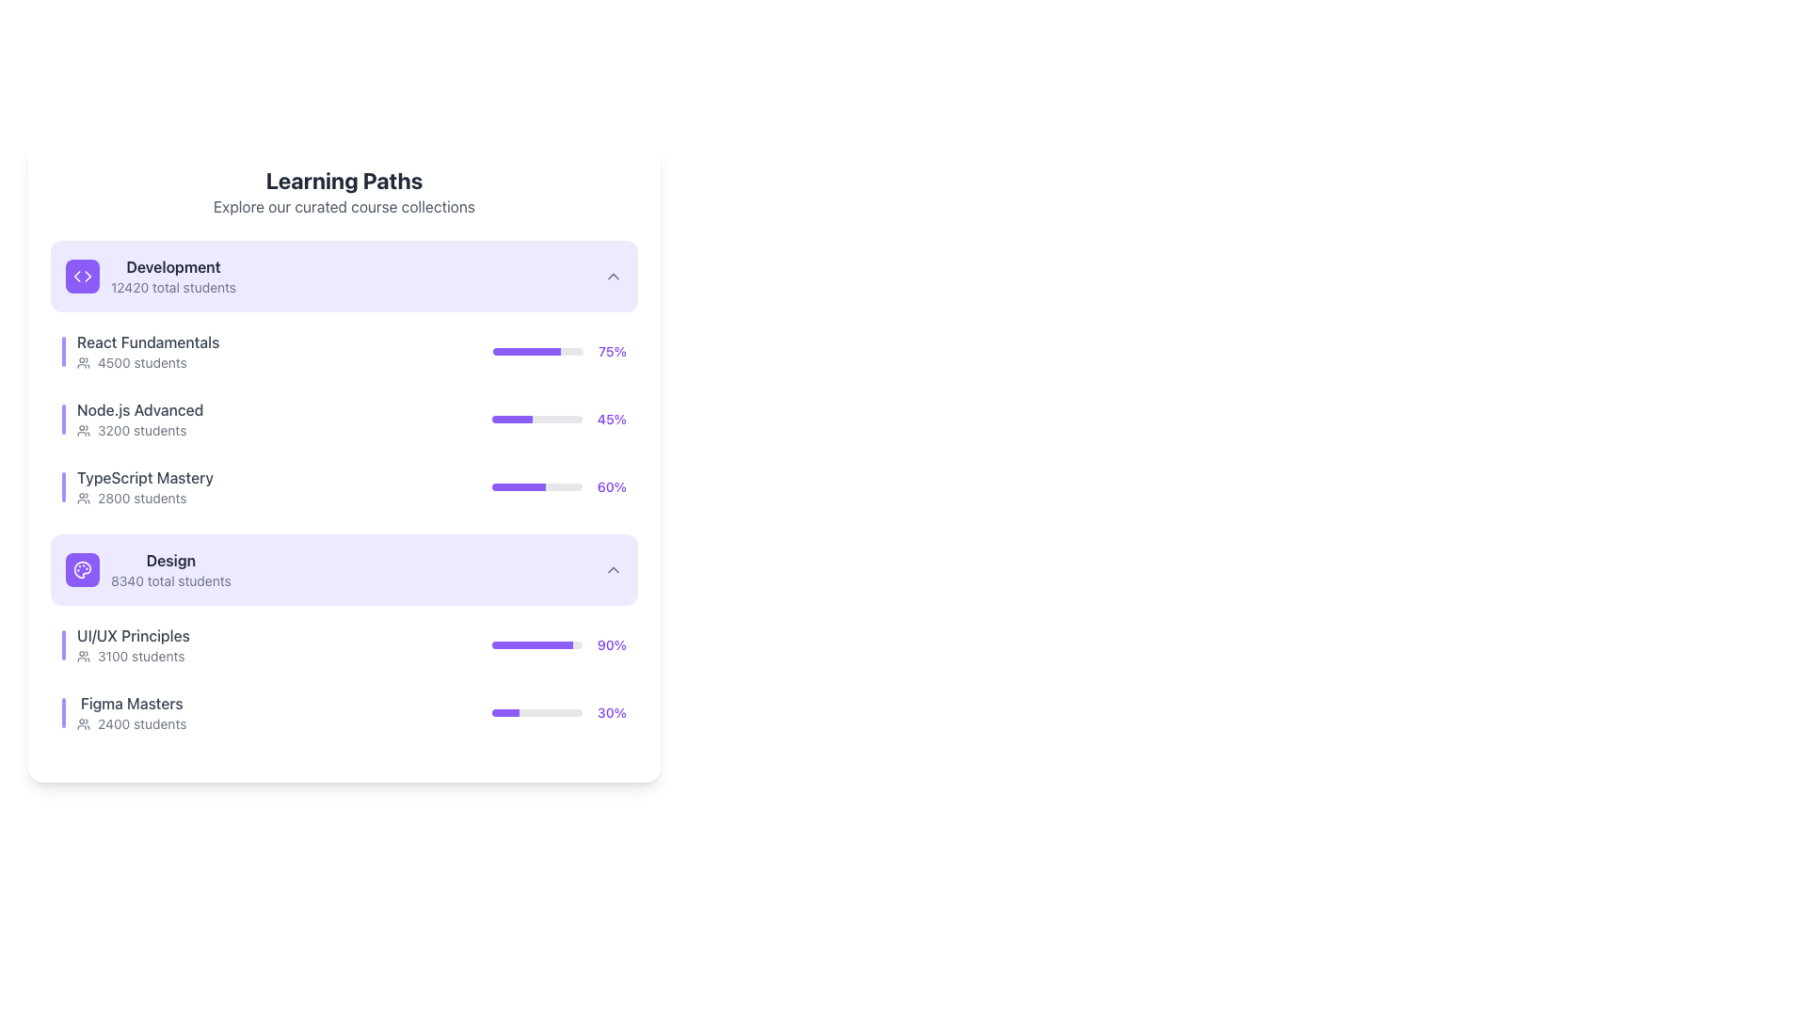  Describe the element at coordinates (136, 485) in the screenshot. I see `the 'TypeScript Mastery' hyperlink in the third list item under the 'Development' section` at that location.